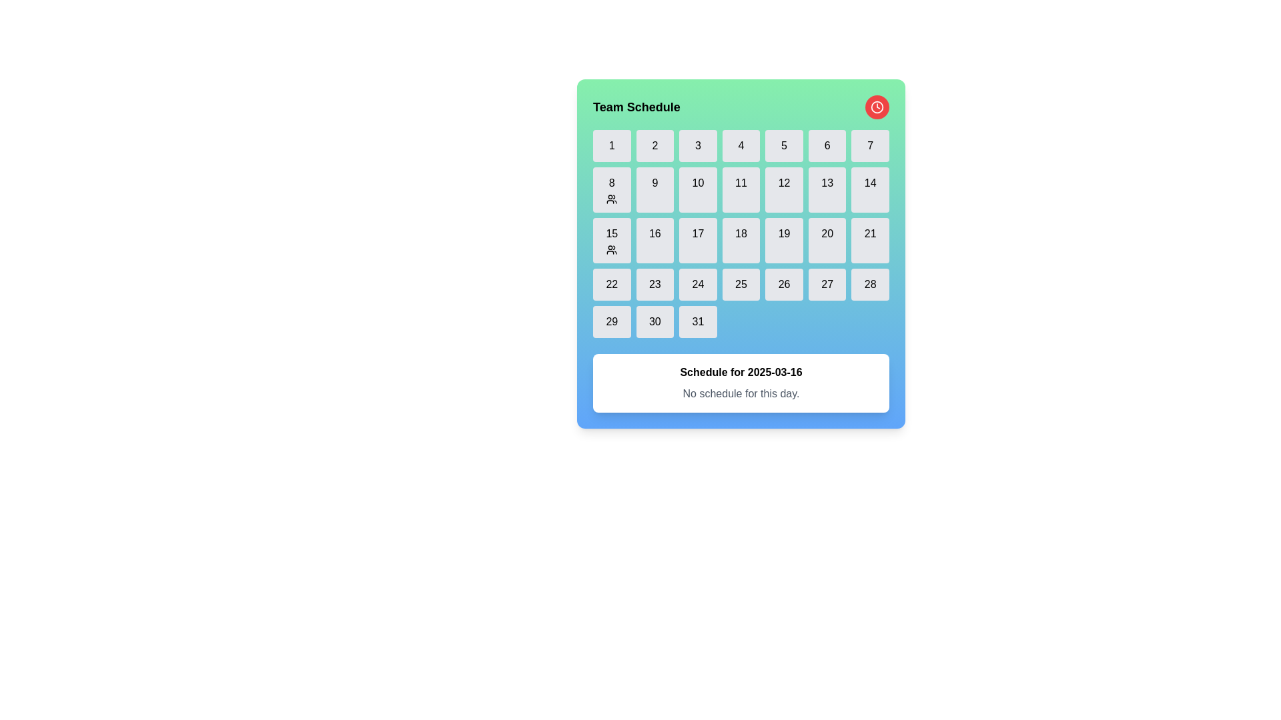 This screenshot has width=1281, height=720. What do you see at coordinates (870, 146) in the screenshot?
I see `the numeral '7' in the calendar grid titled 'Team Schedule'` at bounding box center [870, 146].